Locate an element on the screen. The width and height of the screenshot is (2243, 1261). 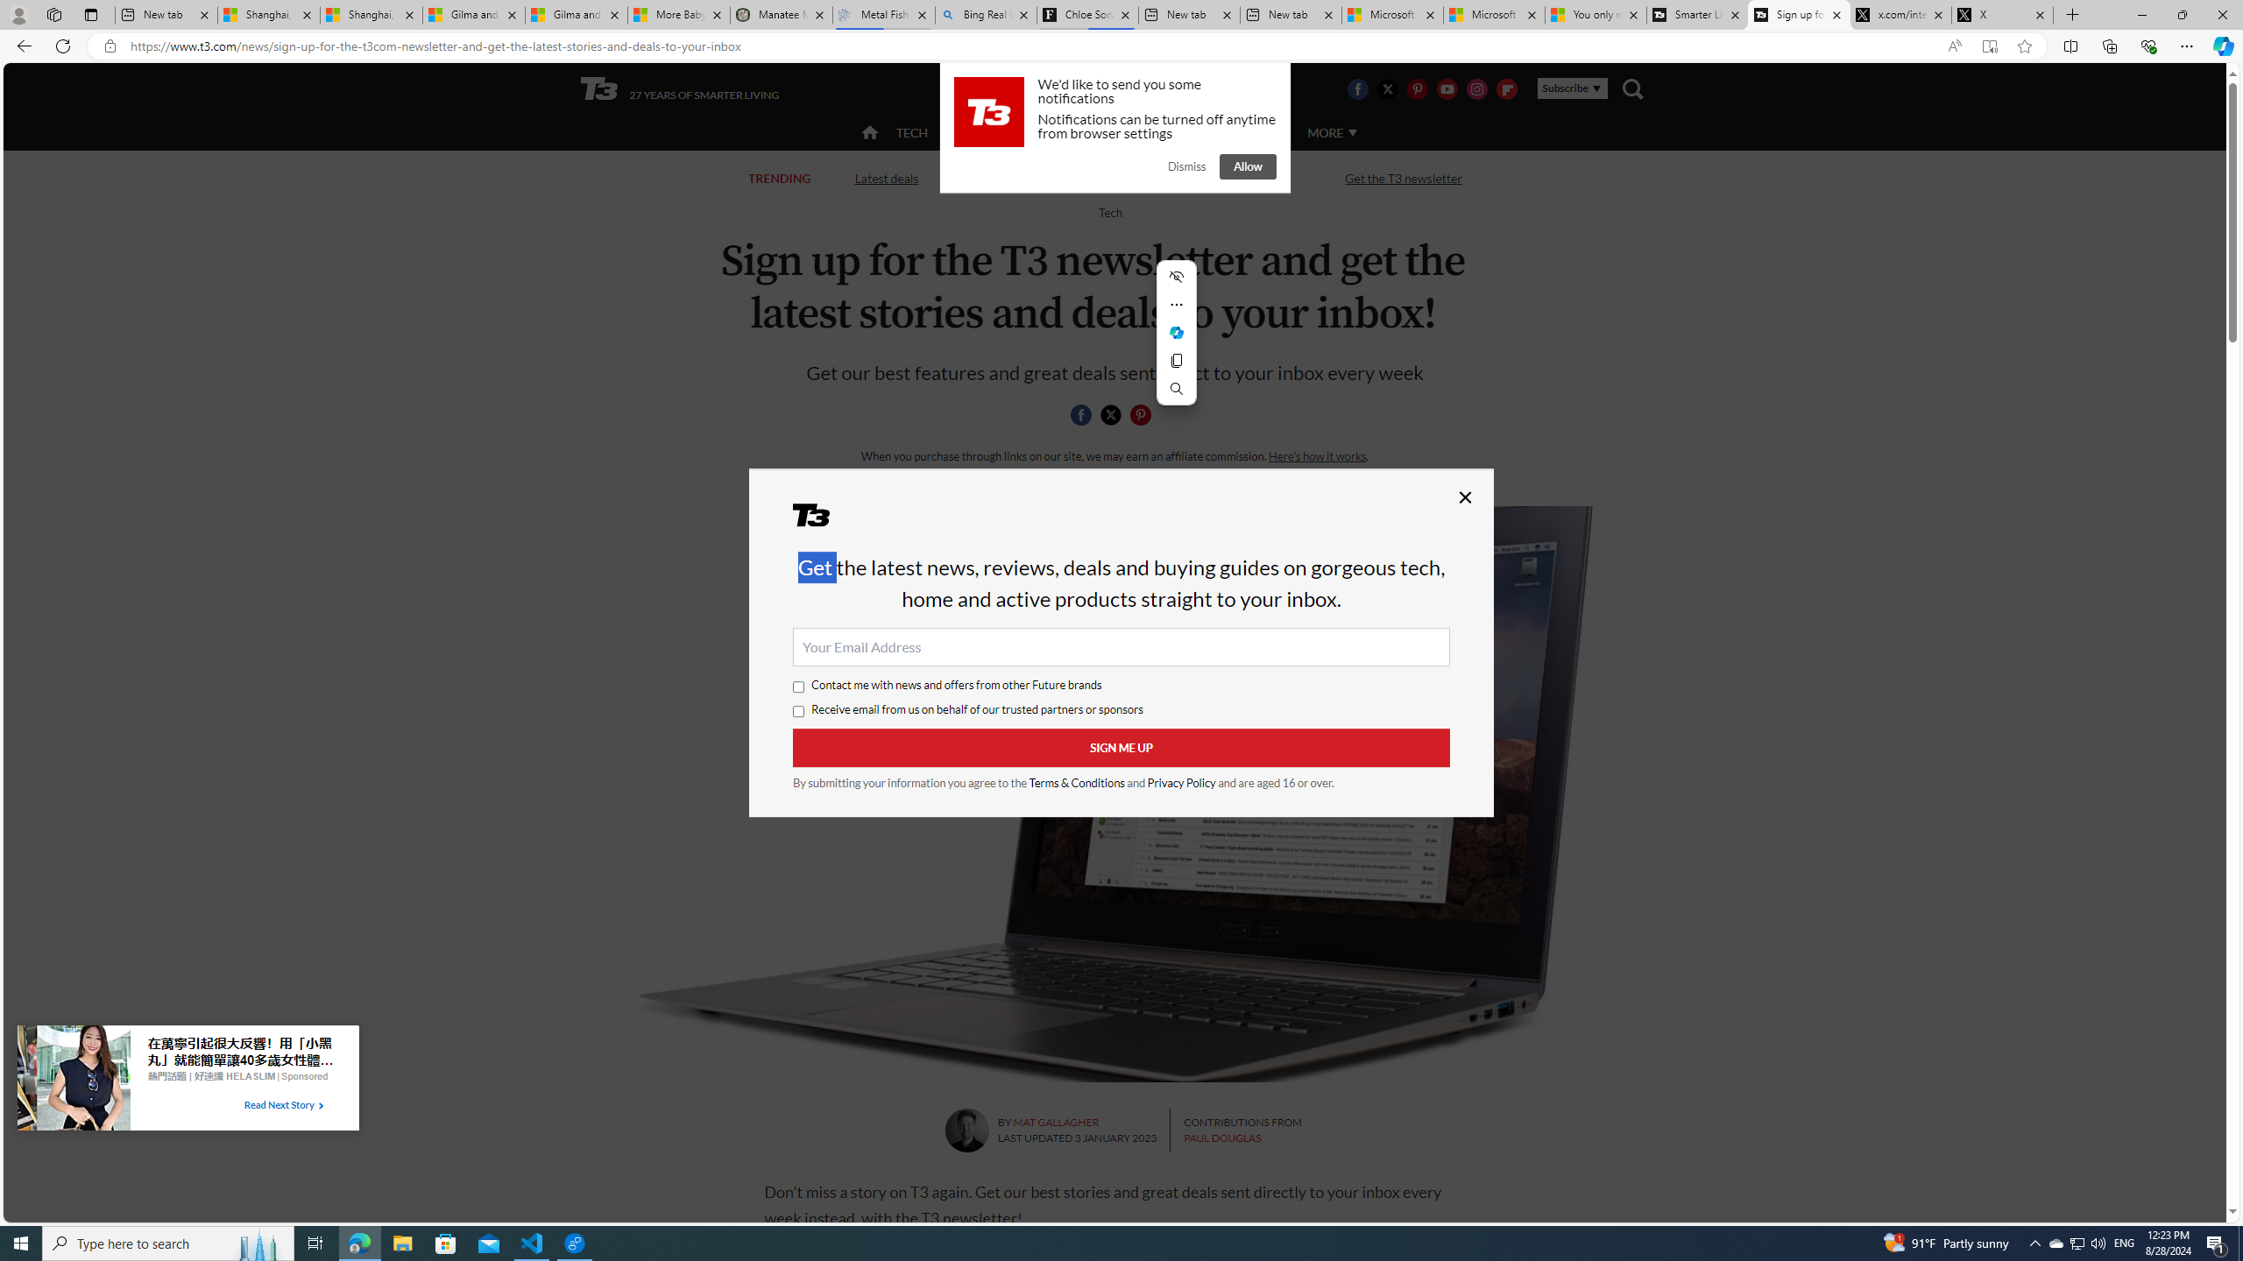
'Browser essentials' is located at coordinates (2147, 45).